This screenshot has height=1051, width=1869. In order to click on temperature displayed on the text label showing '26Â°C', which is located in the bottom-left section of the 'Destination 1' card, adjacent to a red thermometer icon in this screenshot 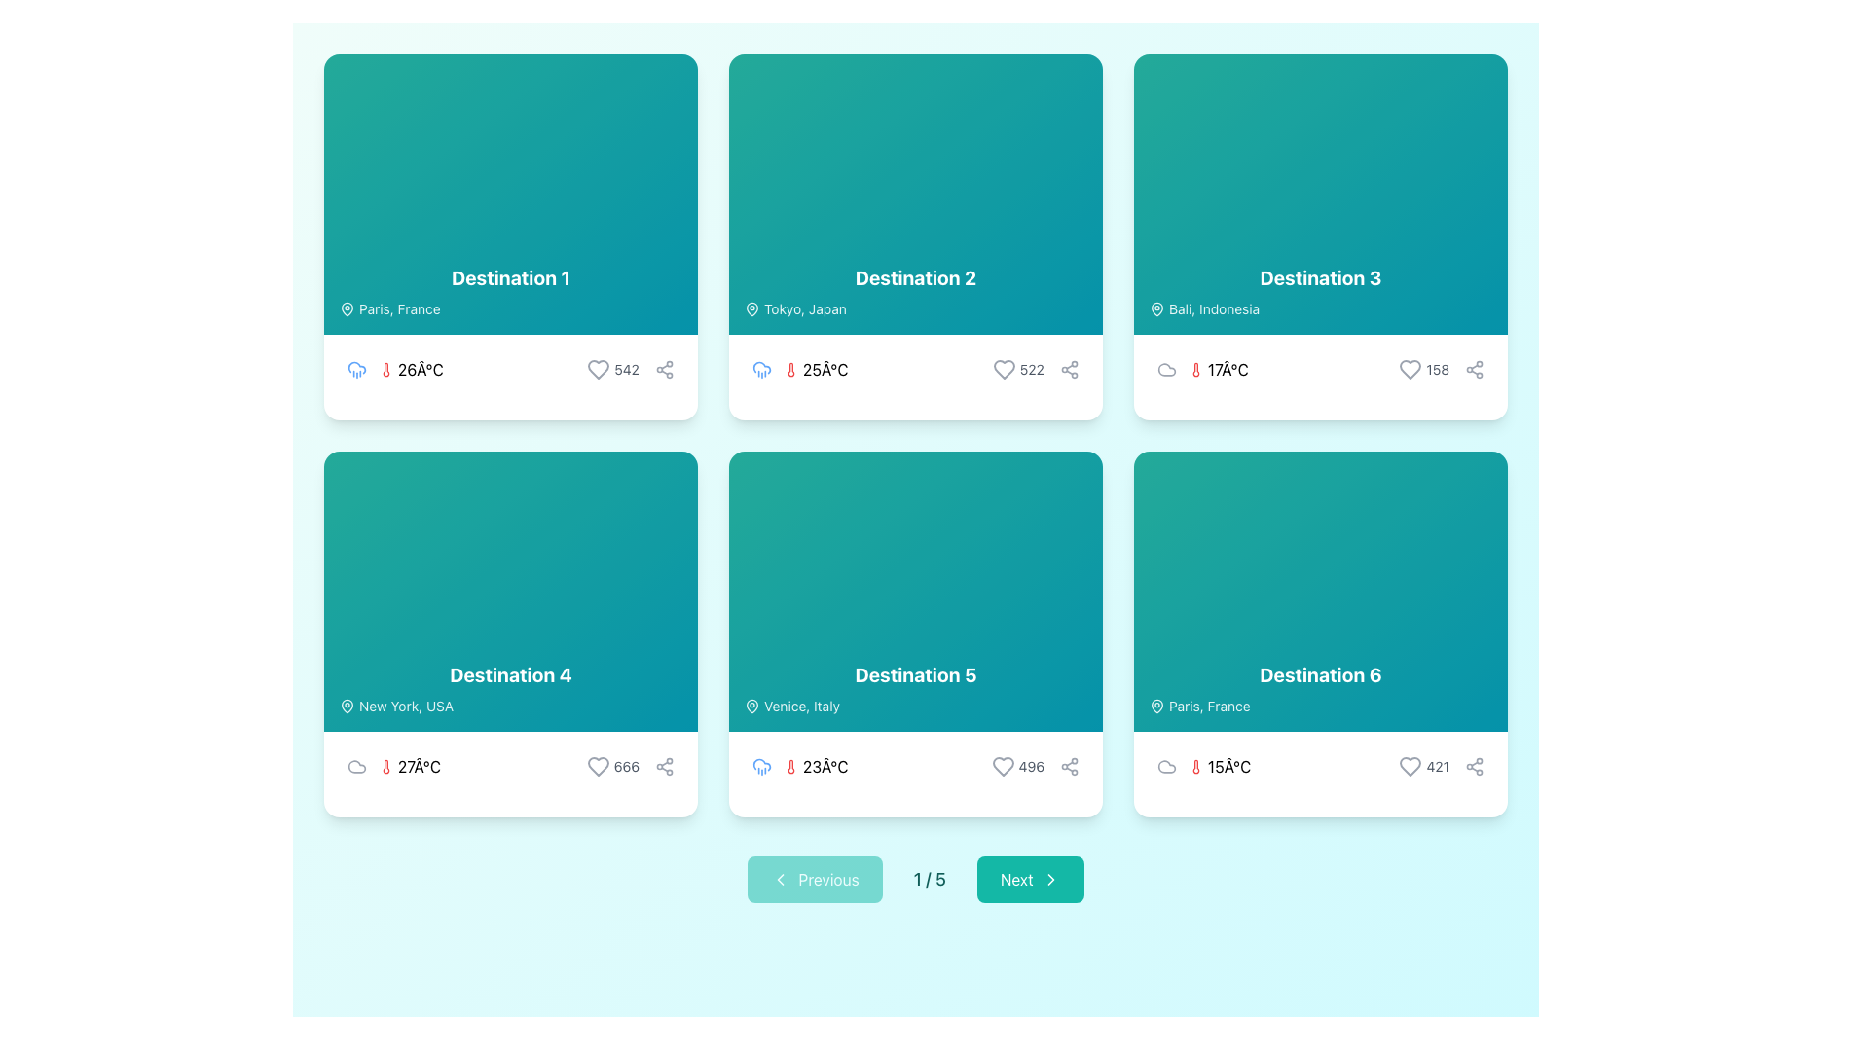, I will do `click(420, 370)`.